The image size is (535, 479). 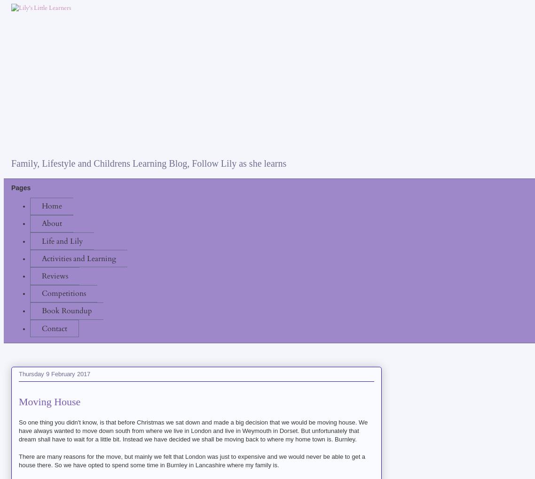 I want to click on 'Moving House', so click(x=49, y=401).